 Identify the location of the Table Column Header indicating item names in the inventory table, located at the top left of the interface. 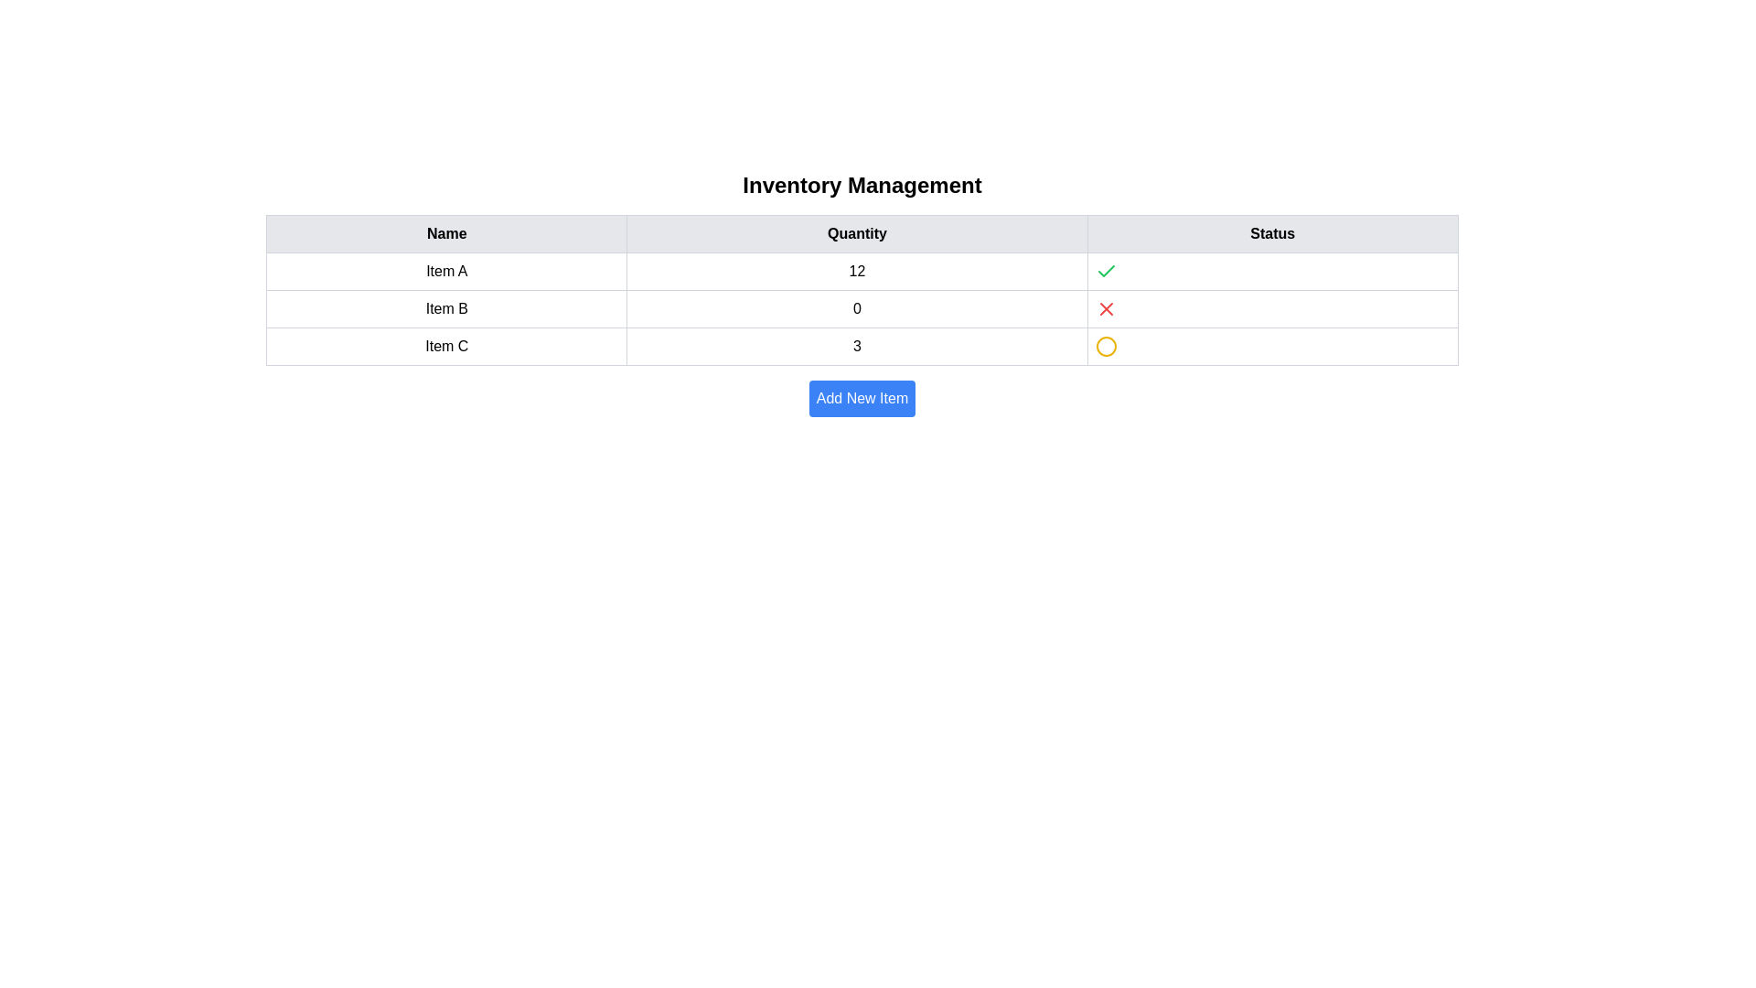
(446, 232).